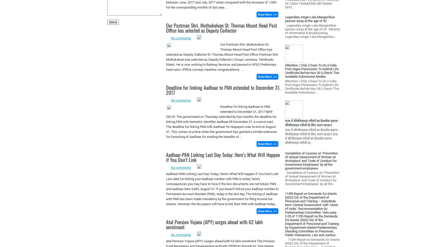 This screenshot has height=247, width=447. I want to click on 'Deadline for linking Aadhaar to PAN extended to December 31, 2017











NEW DELHI: The government on Thursday extended by four months the deadline for linking PAN with biometric identifier Aadhaar till December 31, a source said.



The deadline for linking PAN with Aadhaar for taxpayers was to end on August 31.



This comes at a time when the government has granted a similar extension for furnishing of Aadhaar for availing the benefits of...', so click(221, 121).